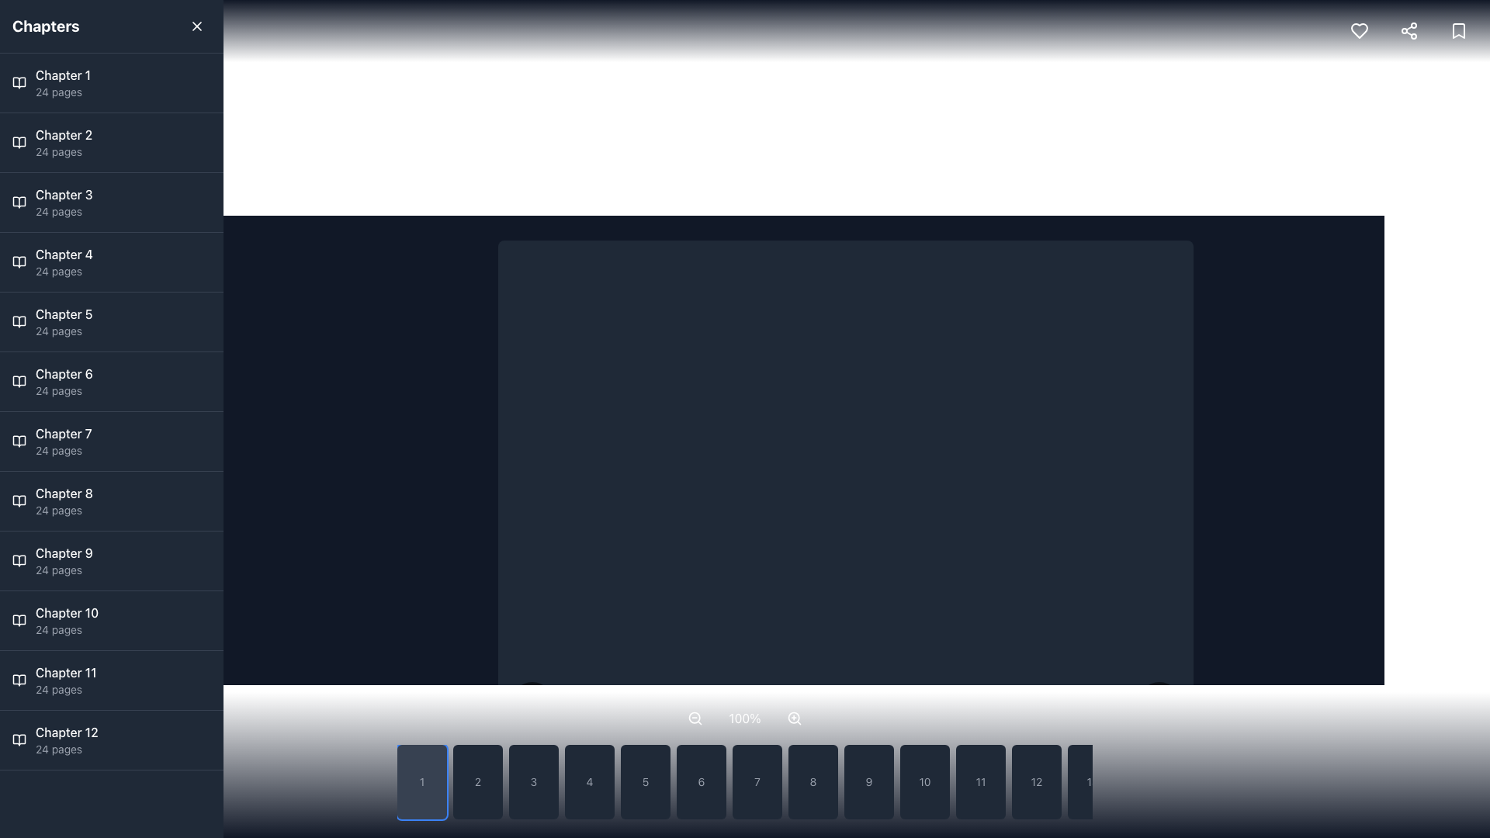  What do you see at coordinates (63, 193) in the screenshot?
I see `the 'Chapter 3' text label, which is the third item in a vertical list of chapters, displayed in white on a dark blue background` at bounding box center [63, 193].